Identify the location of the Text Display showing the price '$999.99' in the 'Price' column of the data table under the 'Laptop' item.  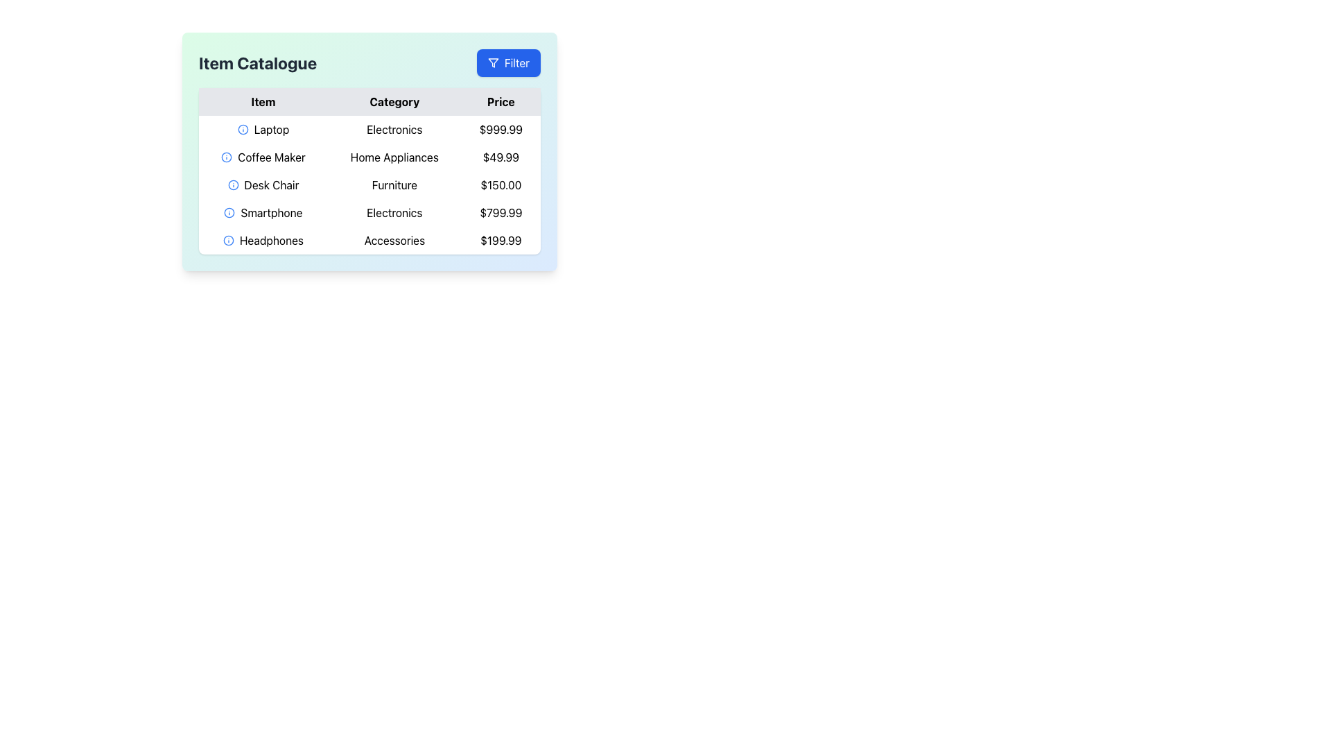
(500, 129).